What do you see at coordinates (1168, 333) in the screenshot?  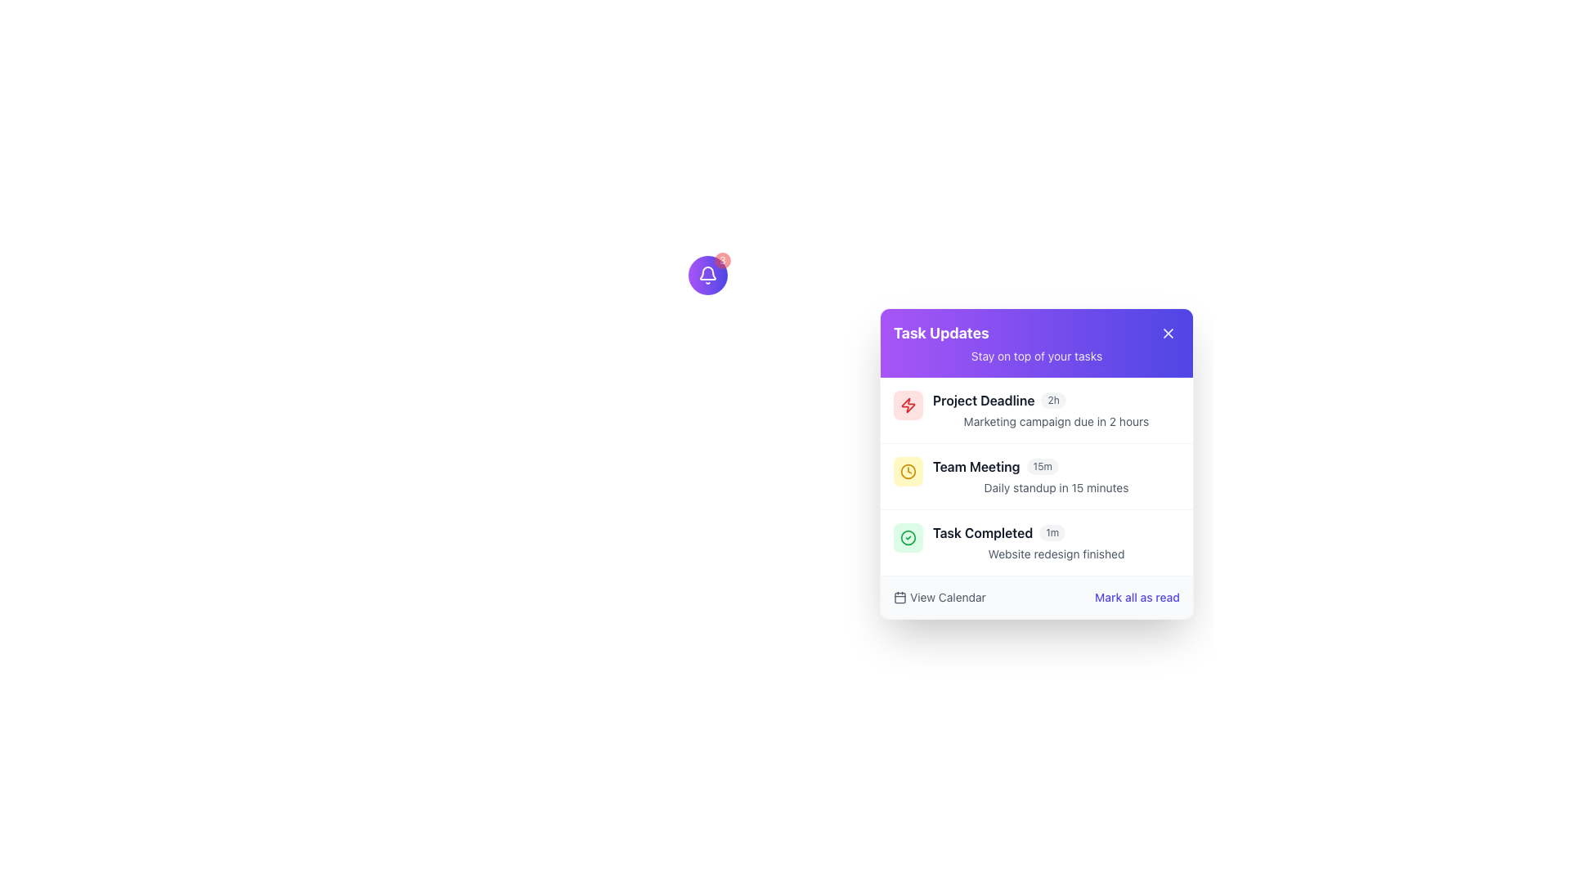 I see `the close button located in the top-right corner of the notification panel` at bounding box center [1168, 333].